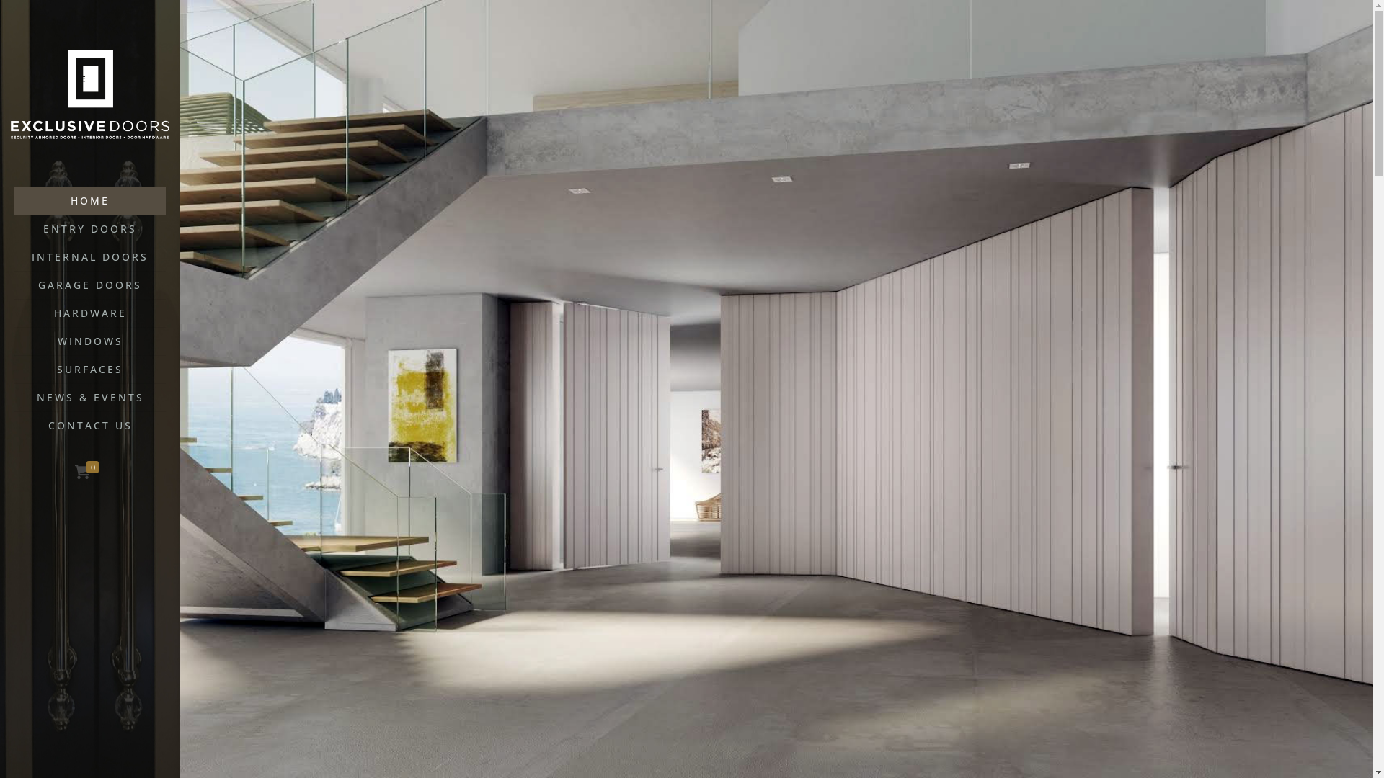 The width and height of the screenshot is (1384, 778). I want to click on '0', so click(88, 472).